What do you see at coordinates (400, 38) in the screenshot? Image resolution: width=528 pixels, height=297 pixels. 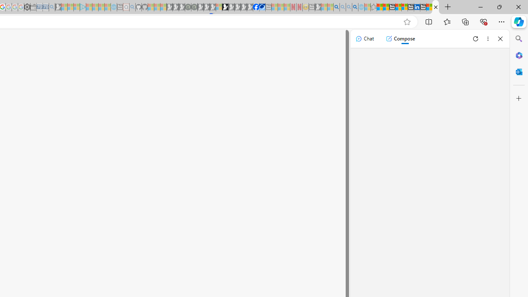 I see `'Compose'` at bounding box center [400, 38].